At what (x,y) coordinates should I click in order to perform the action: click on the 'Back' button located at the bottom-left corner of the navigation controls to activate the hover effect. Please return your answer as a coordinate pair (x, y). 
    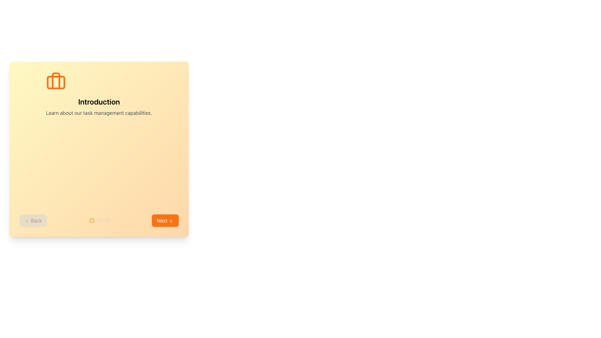
    Looking at the image, I should click on (33, 220).